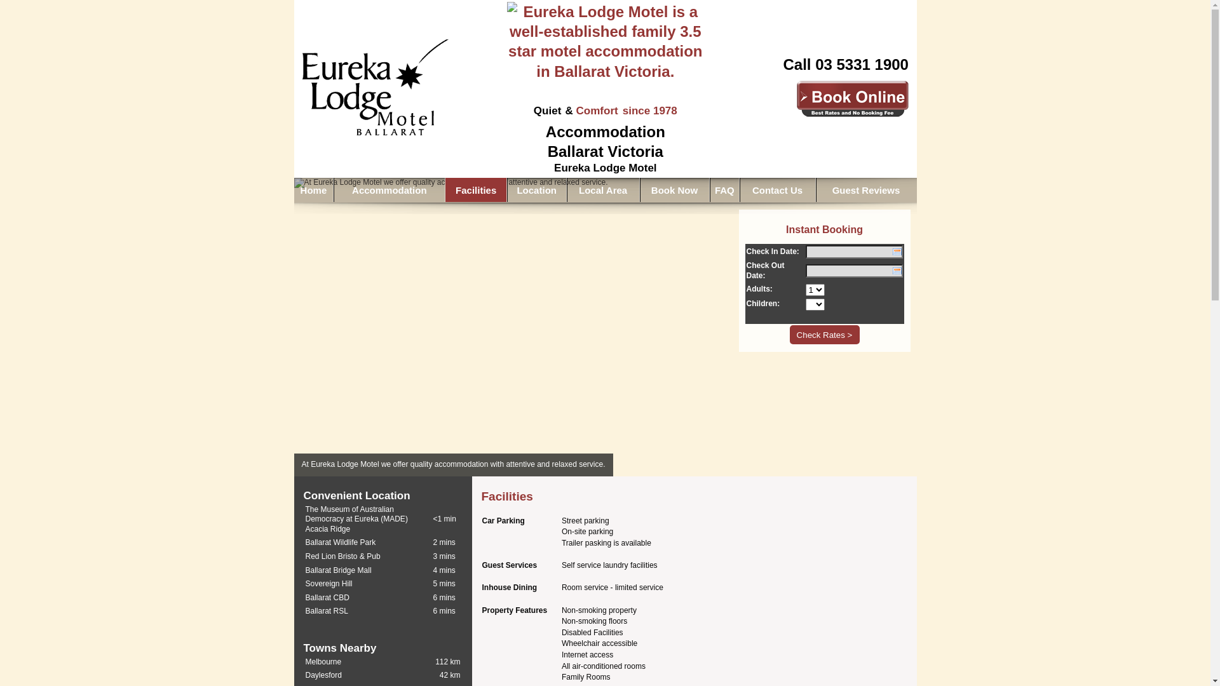 The width and height of the screenshot is (1220, 686). I want to click on 'Accommodation', so click(333, 190).